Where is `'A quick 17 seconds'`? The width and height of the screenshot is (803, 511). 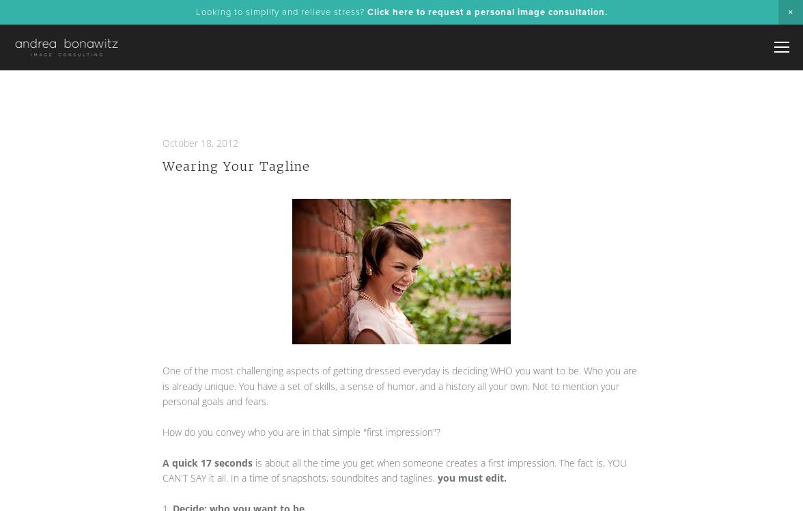 'A quick 17 seconds' is located at coordinates (207, 462).